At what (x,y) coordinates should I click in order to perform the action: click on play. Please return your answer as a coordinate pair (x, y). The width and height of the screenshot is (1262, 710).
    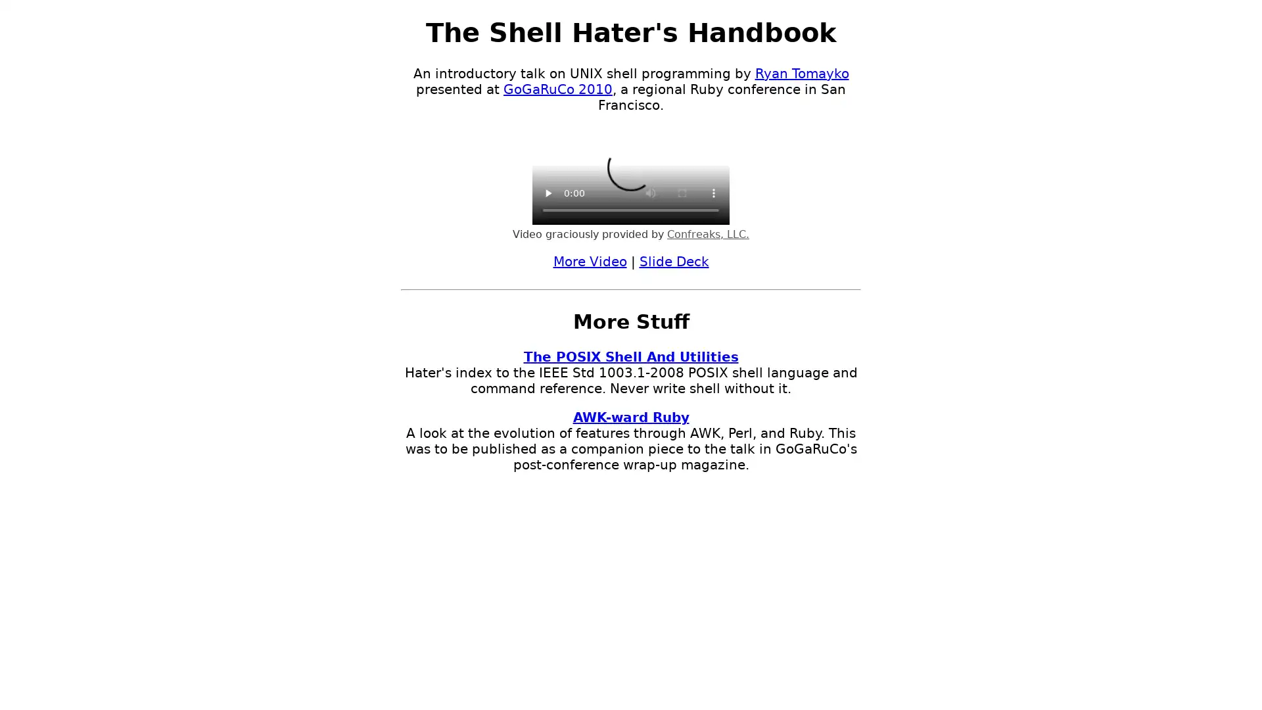
    Looking at the image, I should click on (548, 193).